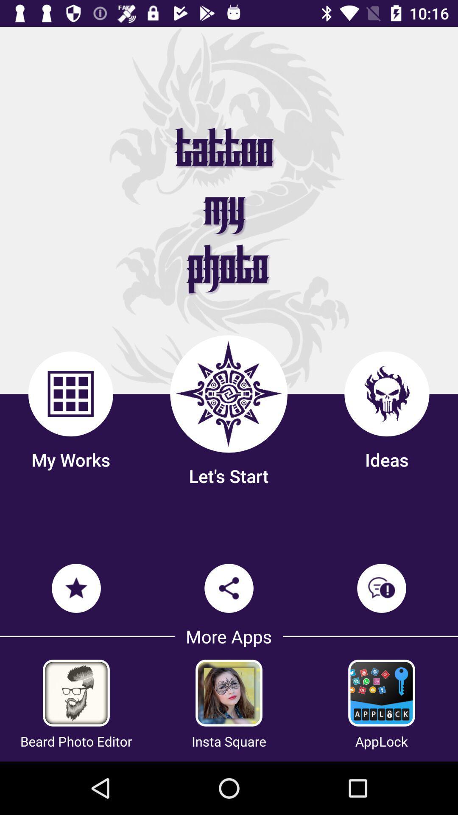 Image resolution: width=458 pixels, height=815 pixels. I want to click on the applock item, so click(381, 741).